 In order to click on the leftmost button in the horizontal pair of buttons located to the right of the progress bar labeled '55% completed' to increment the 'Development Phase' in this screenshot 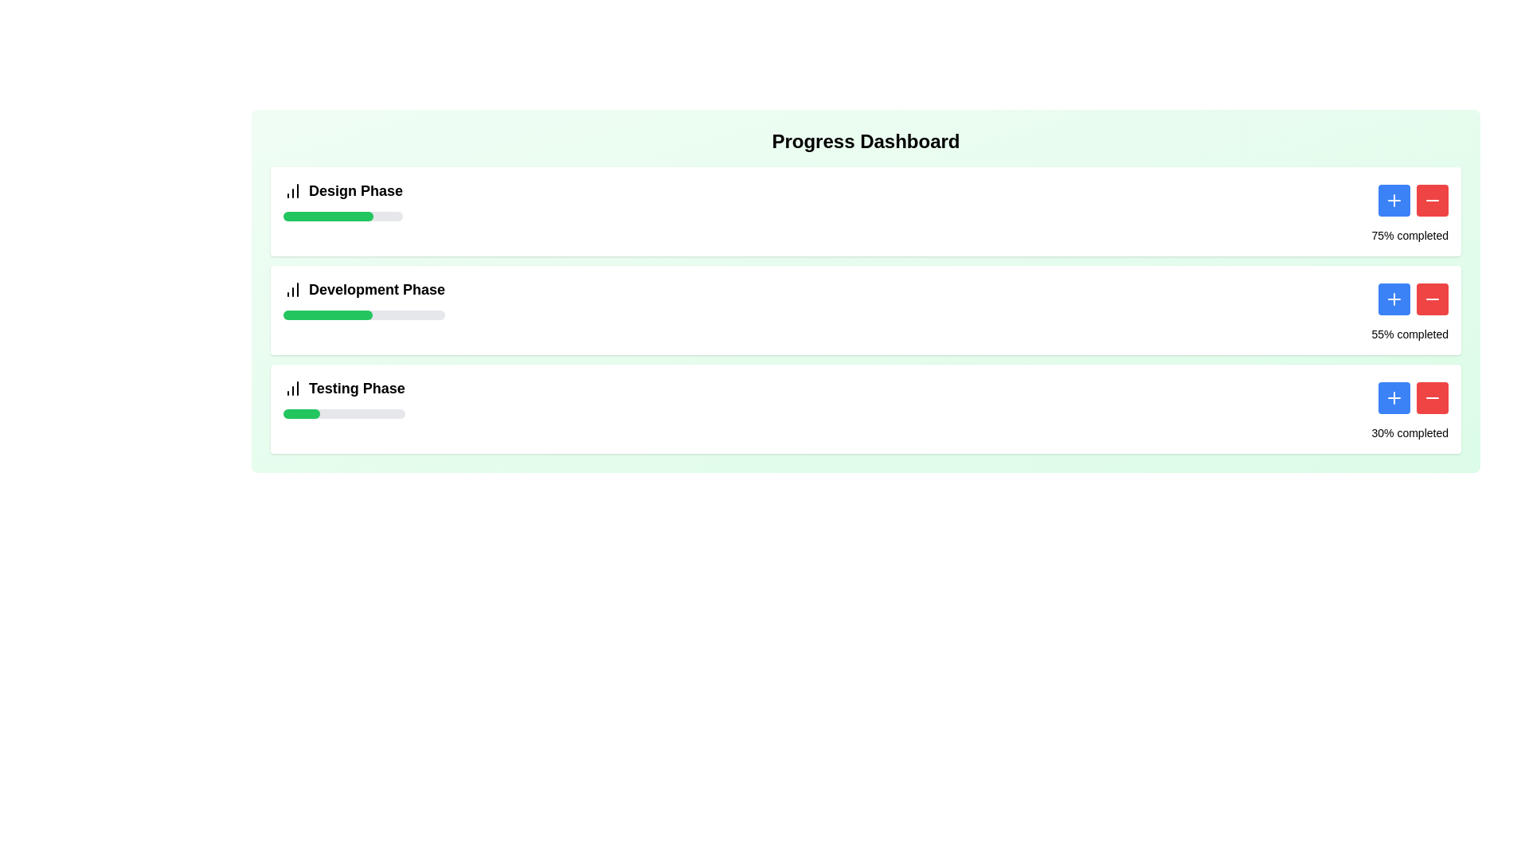, I will do `click(1394, 299)`.